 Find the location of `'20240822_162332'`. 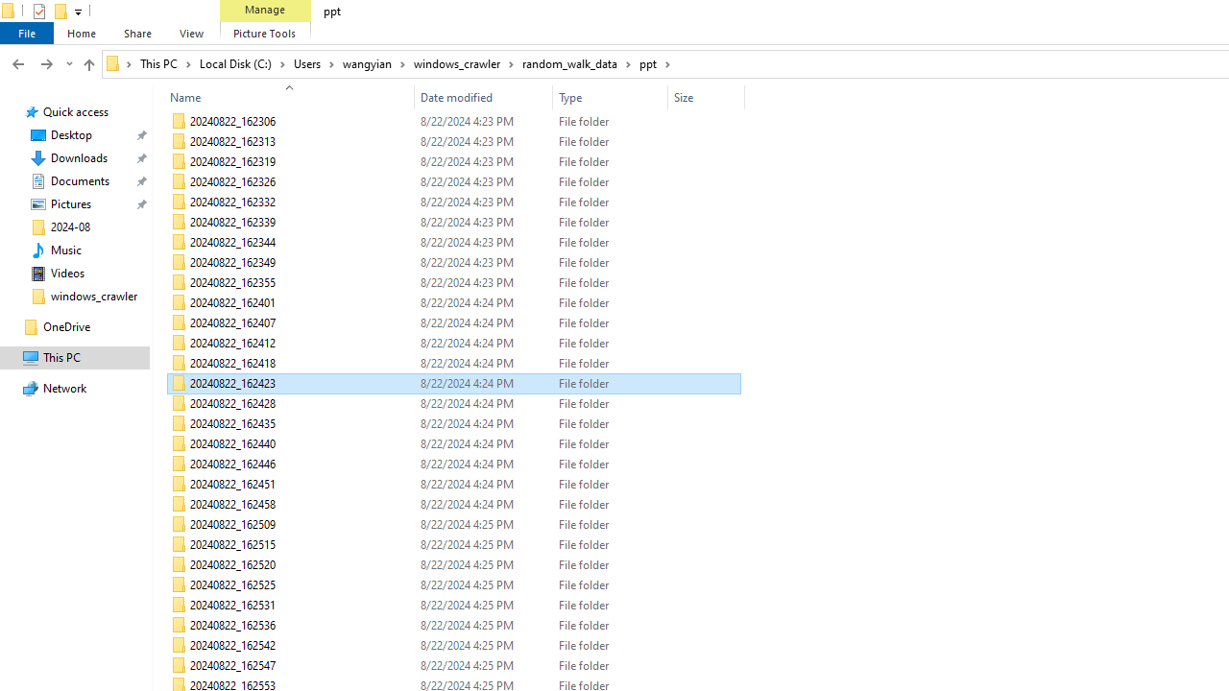

'20240822_162332' is located at coordinates (452, 202).